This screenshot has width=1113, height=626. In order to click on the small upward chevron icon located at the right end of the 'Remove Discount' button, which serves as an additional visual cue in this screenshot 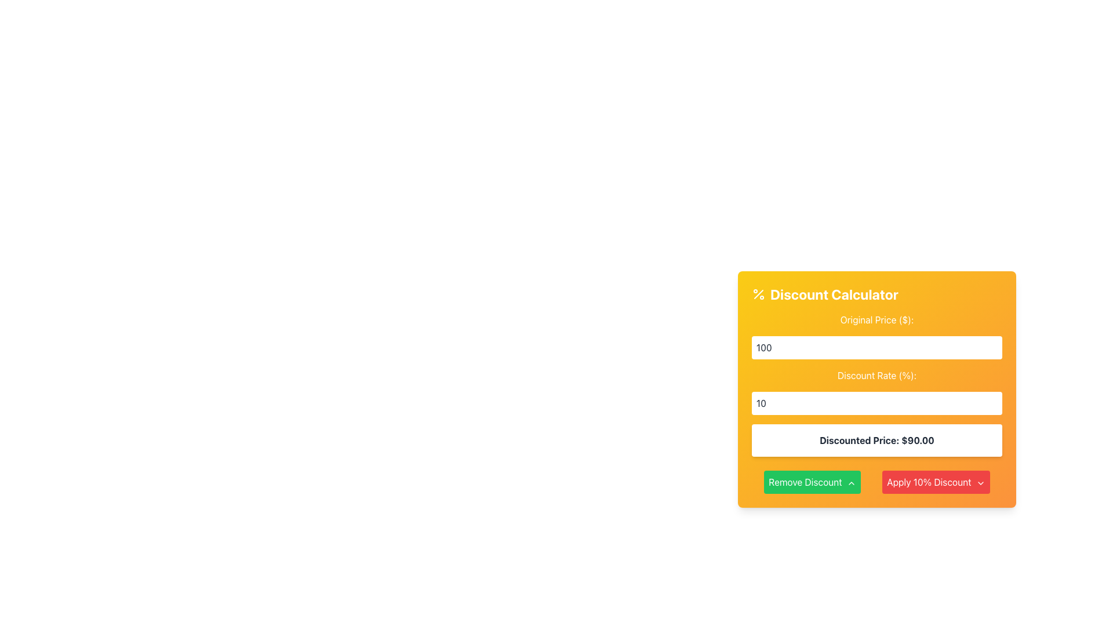, I will do `click(851, 483)`.